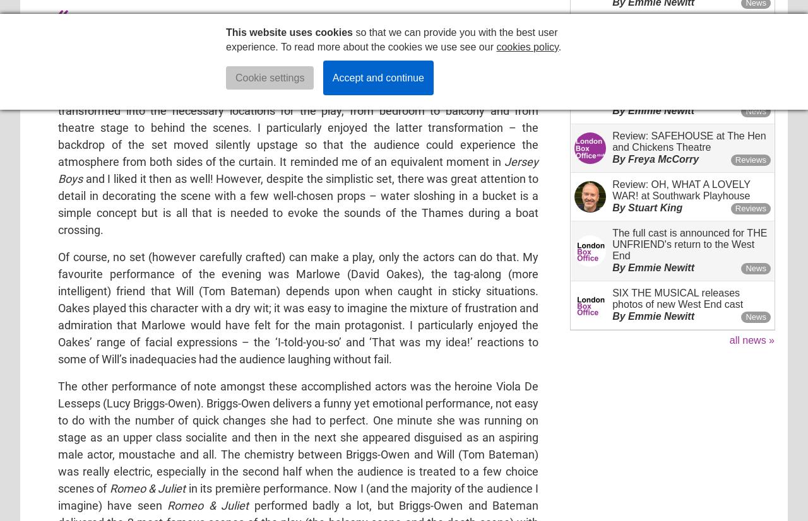  Describe the element at coordinates (655, 206) in the screenshot. I see `'Stuart King'` at that location.